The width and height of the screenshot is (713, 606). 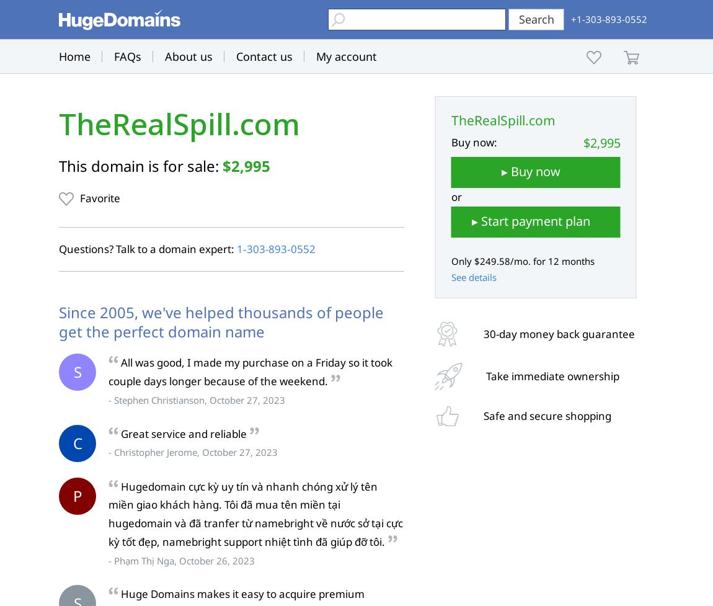 What do you see at coordinates (188, 56) in the screenshot?
I see `'About us'` at bounding box center [188, 56].